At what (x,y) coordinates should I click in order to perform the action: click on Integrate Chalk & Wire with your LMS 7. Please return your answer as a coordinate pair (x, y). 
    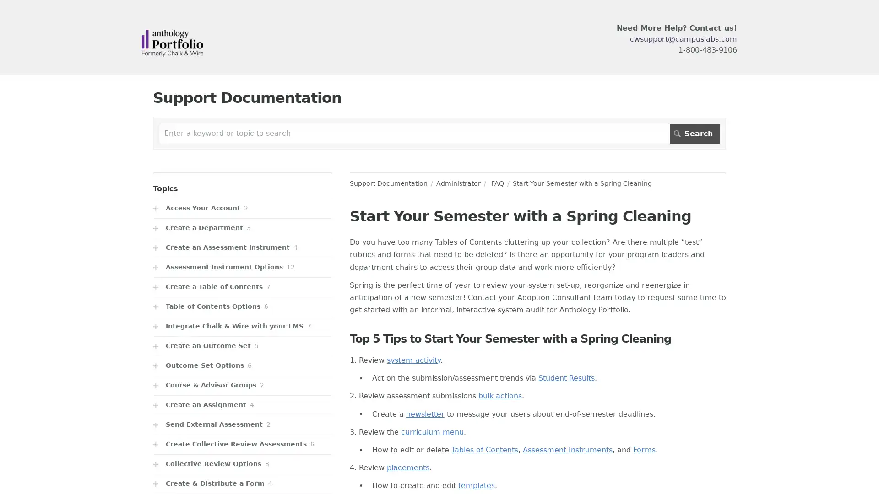
    Looking at the image, I should click on (242, 326).